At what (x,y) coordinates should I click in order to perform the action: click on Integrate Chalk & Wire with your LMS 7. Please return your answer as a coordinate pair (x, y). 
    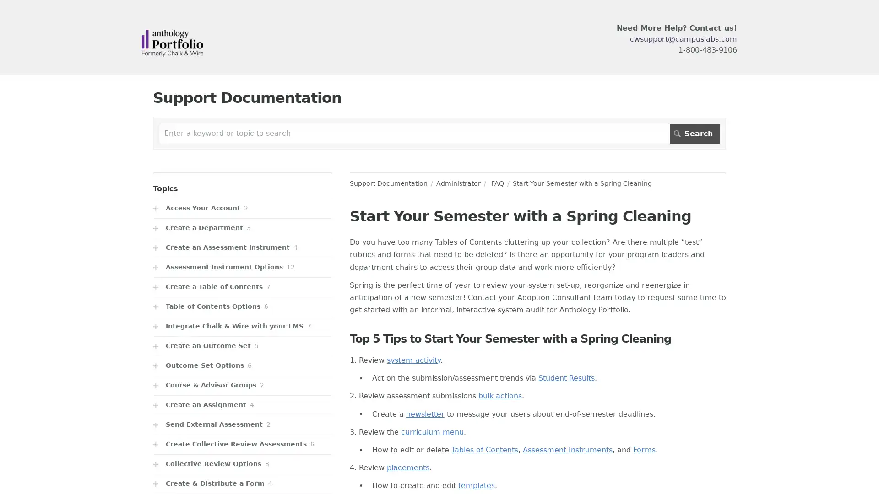
    Looking at the image, I should click on (242, 326).